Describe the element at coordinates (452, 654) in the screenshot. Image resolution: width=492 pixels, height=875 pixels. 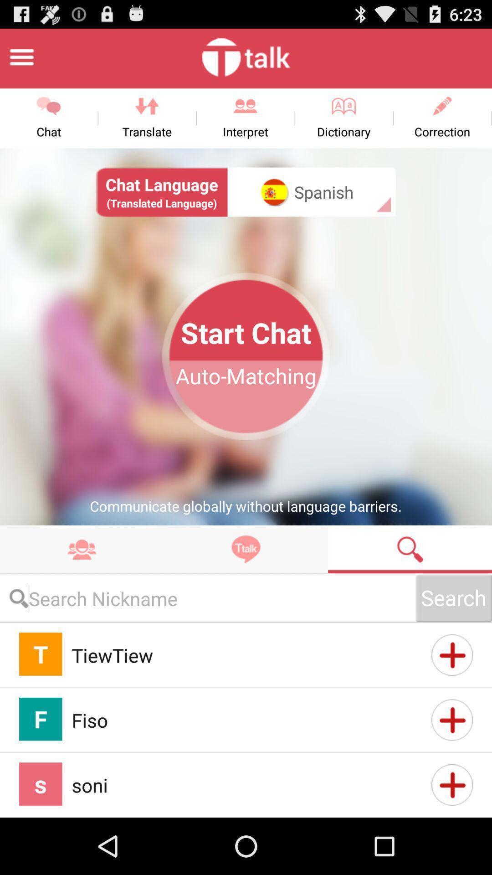
I see `click for more information` at that location.